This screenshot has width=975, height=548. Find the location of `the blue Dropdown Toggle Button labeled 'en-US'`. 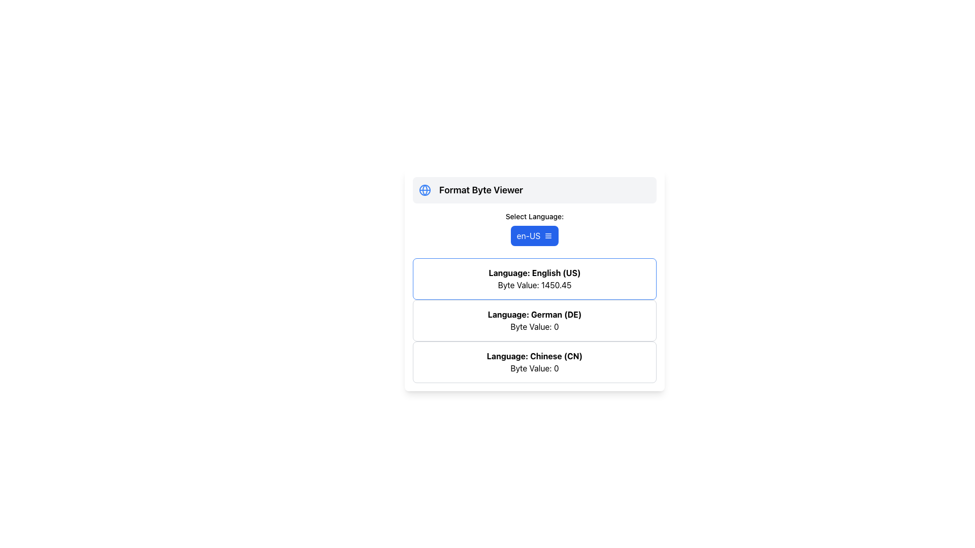

the blue Dropdown Toggle Button labeled 'en-US' is located at coordinates (534, 236).